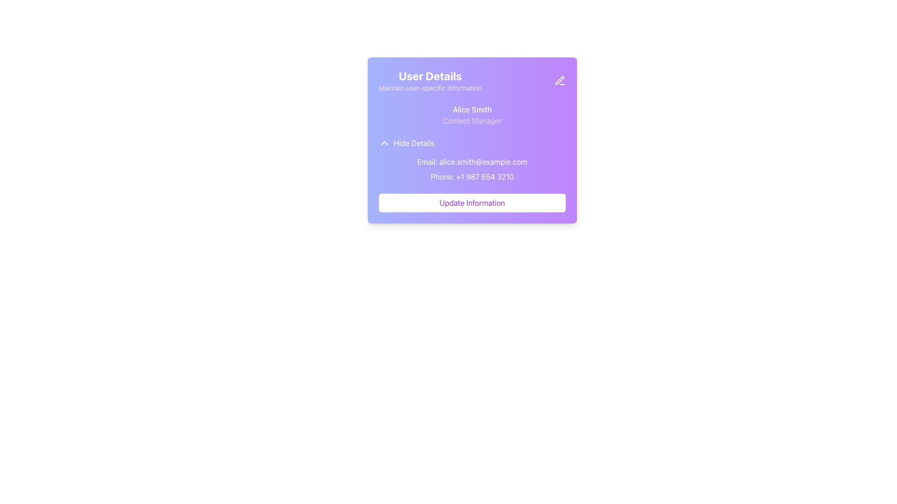 Image resolution: width=897 pixels, height=504 pixels. What do you see at coordinates (430, 75) in the screenshot?
I see `the bold 'User Details' header text, which is large, white, and set against a purple gradient background, located at the top-left section of its card interface` at bounding box center [430, 75].